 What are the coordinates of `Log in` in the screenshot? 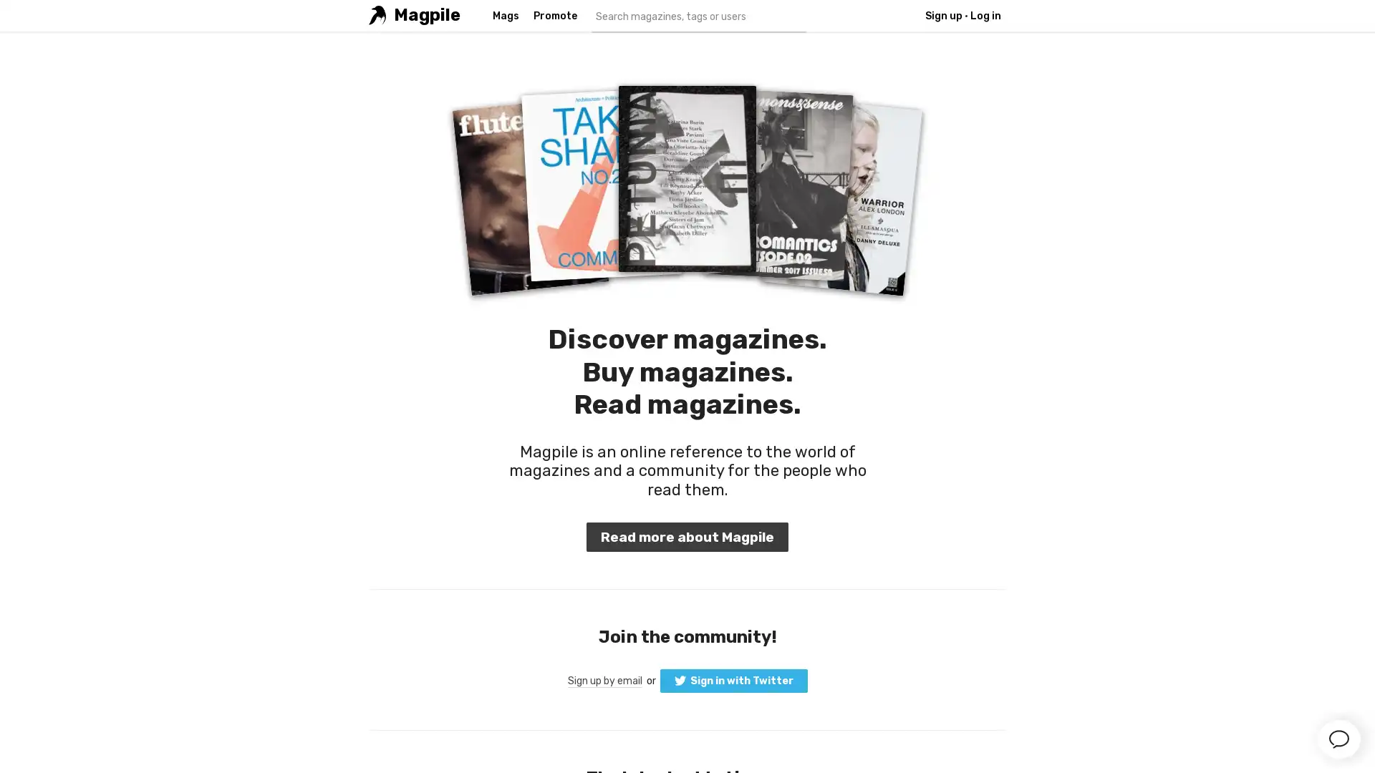 It's located at (686, 259).